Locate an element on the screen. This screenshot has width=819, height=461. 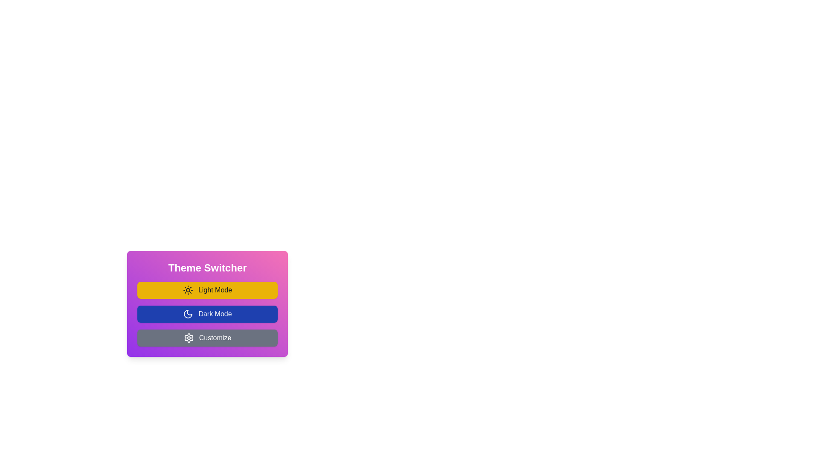
the textual label of the yellow button in the Theme Switcher menu, which allows the user to select the Light Mode theme is located at coordinates (215, 289).